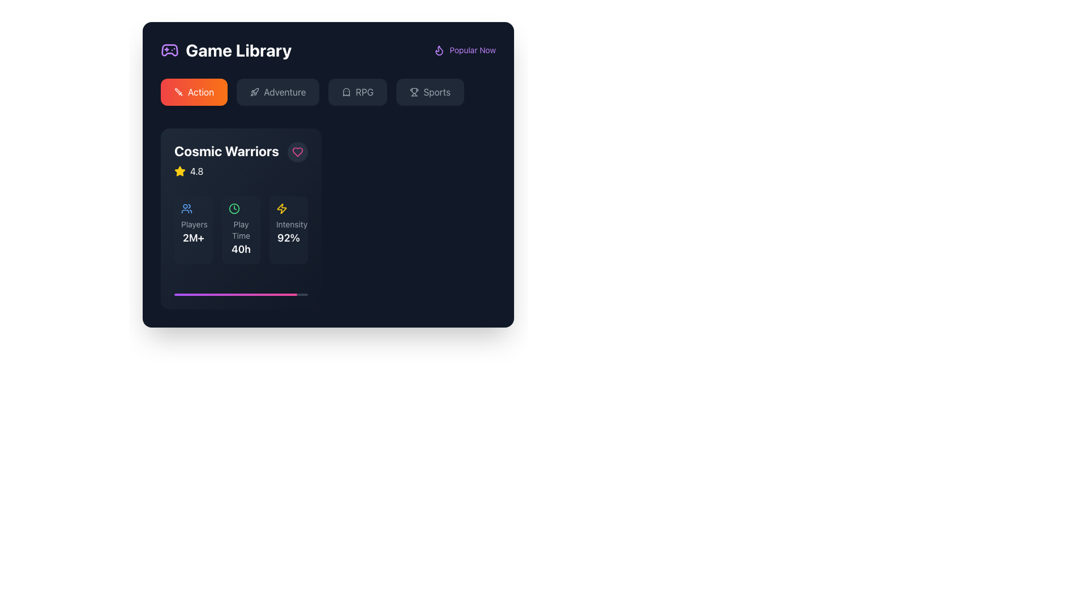 The width and height of the screenshot is (1087, 611). What do you see at coordinates (346, 91) in the screenshot?
I see `ghost icon representing the 'RPG' category in the gaming library, located next to the text label 'RPG'` at bounding box center [346, 91].